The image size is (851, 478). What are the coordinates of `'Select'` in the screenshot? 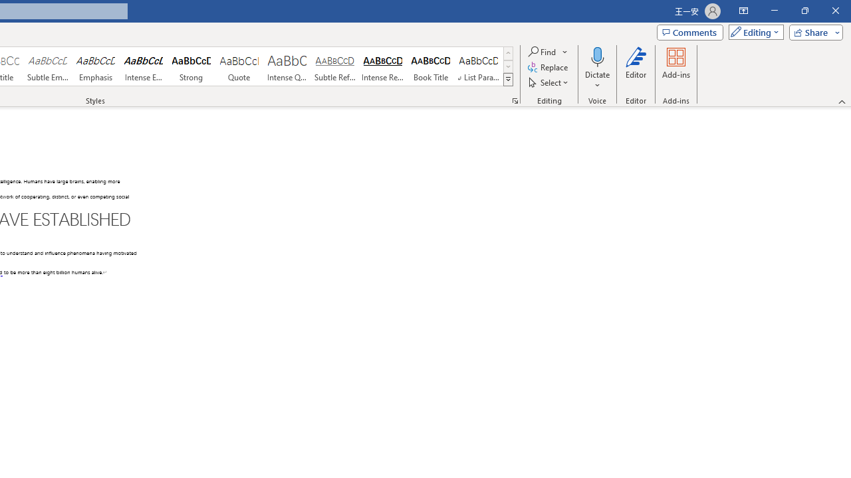 It's located at (549, 82).